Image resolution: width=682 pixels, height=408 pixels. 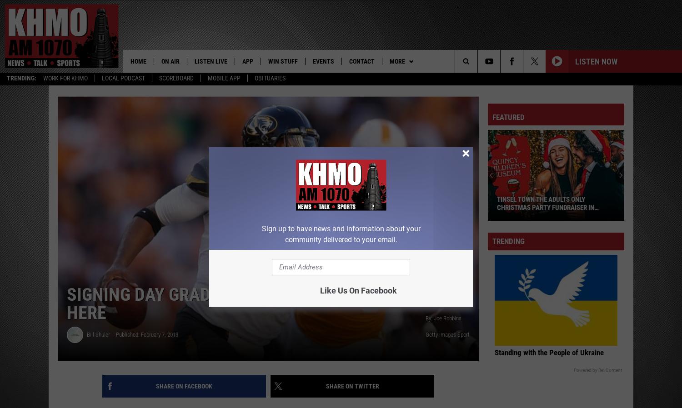 What do you see at coordinates (256, 305) in the screenshot?
I see `'Signing Day Grades Don’t Carry Much Weight Here'` at bounding box center [256, 305].